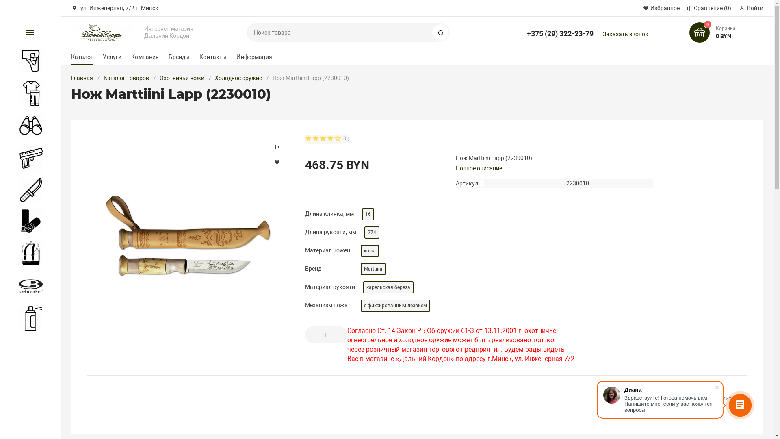 Image resolution: width=780 pixels, height=439 pixels. What do you see at coordinates (559, 29) in the screenshot?
I see `'+375 (29) 322-23-79'` at bounding box center [559, 29].